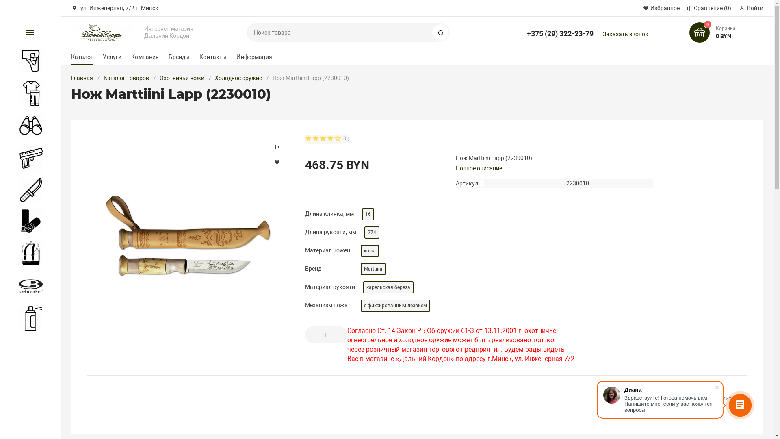 Image resolution: width=780 pixels, height=439 pixels. What do you see at coordinates (559, 29) in the screenshot?
I see `'+375 (29) 322-23-79'` at bounding box center [559, 29].